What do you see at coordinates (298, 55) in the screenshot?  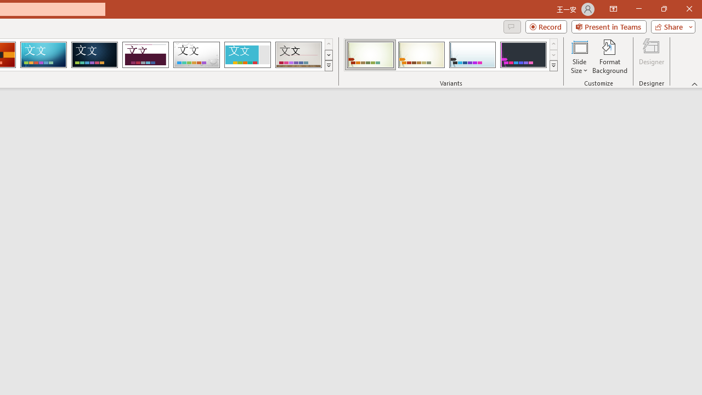 I see `'Gallery Loading Preview...'` at bounding box center [298, 55].